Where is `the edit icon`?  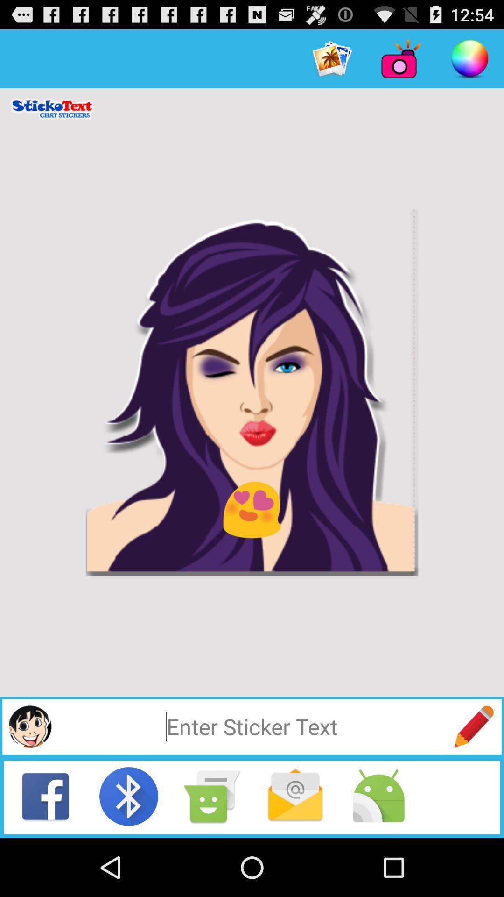
the edit icon is located at coordinates (474, 777).